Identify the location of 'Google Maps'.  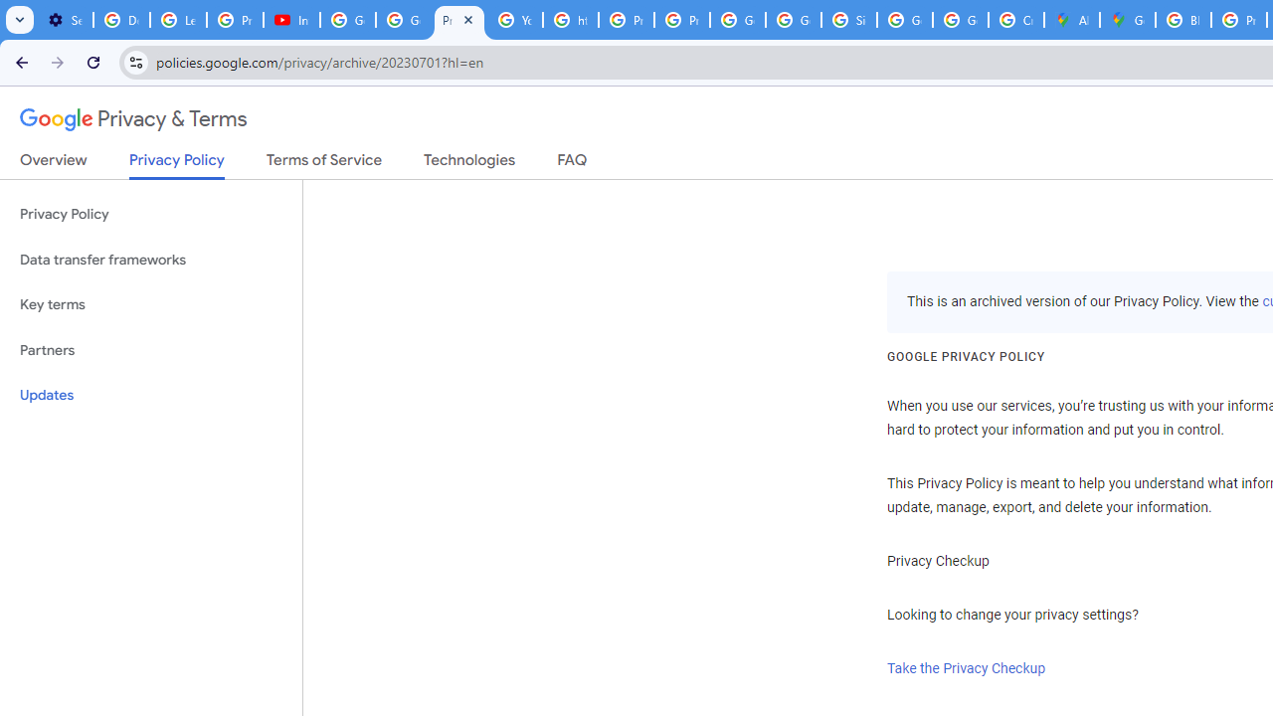
(1128, 20).